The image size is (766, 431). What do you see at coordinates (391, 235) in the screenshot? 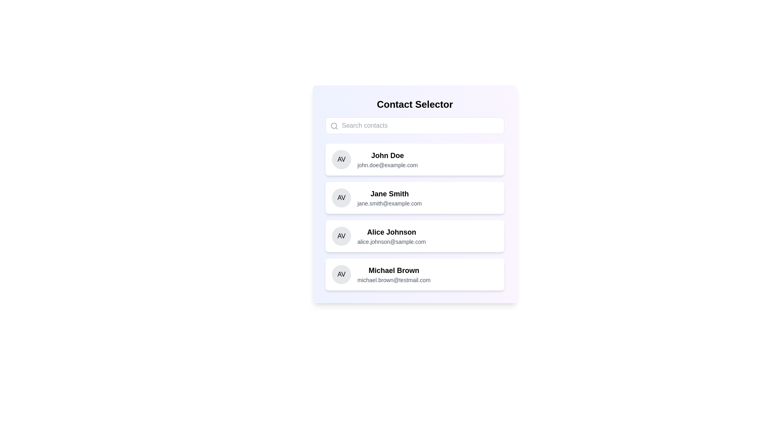
I see `the text display area containing 'Alice Johnson' and 'alice.johnson@sample.com' in the third contact card of the contact list` at bounding box center [391, 235].